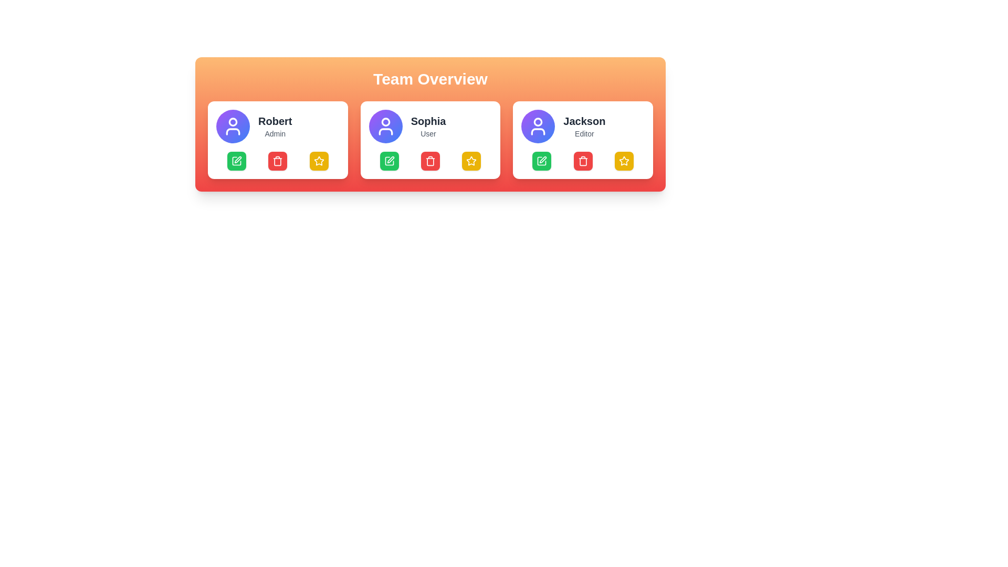  What do you see at coordinates (584, 121) in the screenshot?
I see `the user's name display in the third user card, which is located above the 'Editor' label and is horizontally centered within its card` at bounding box center [584, 121].